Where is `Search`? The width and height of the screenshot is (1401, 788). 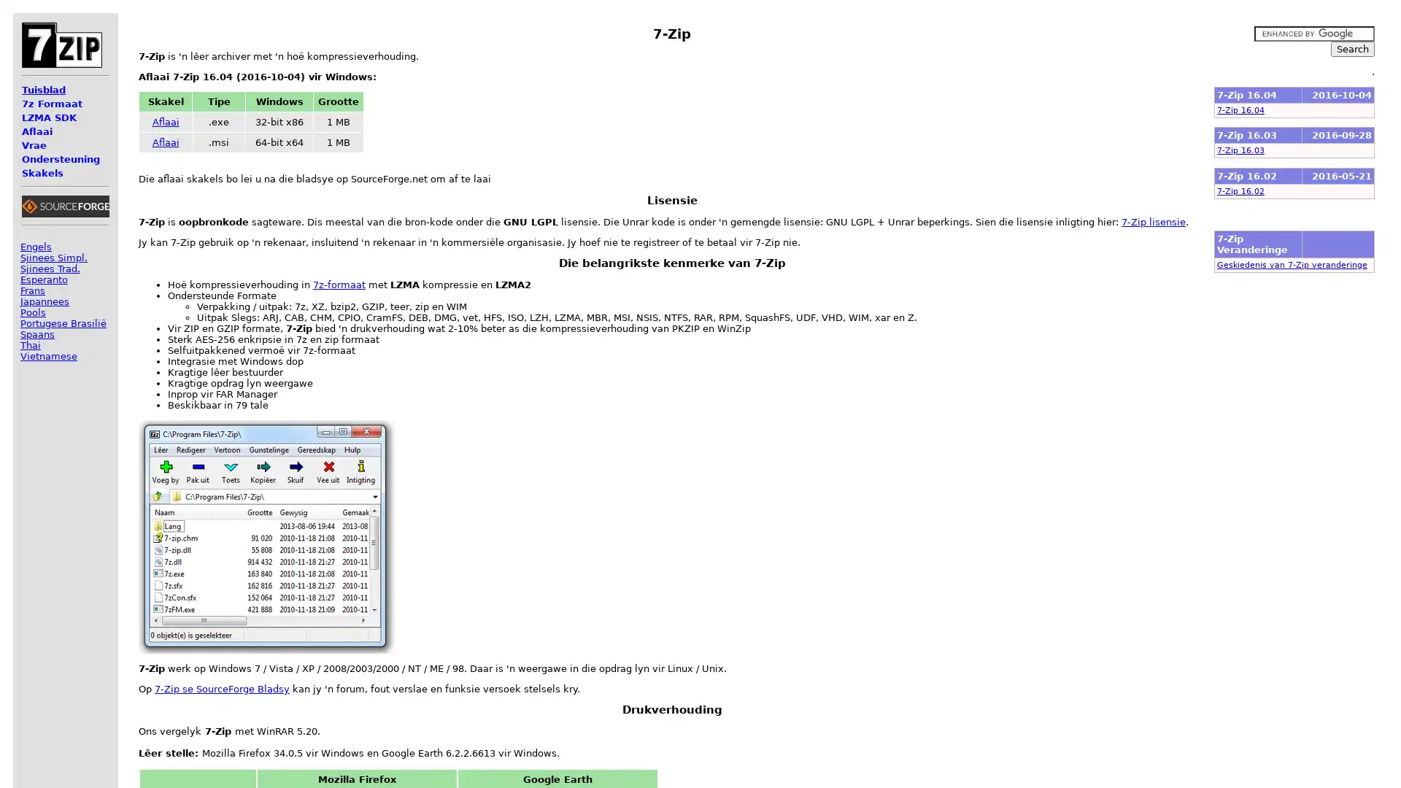 Search is located at coordinates (1351, 48).